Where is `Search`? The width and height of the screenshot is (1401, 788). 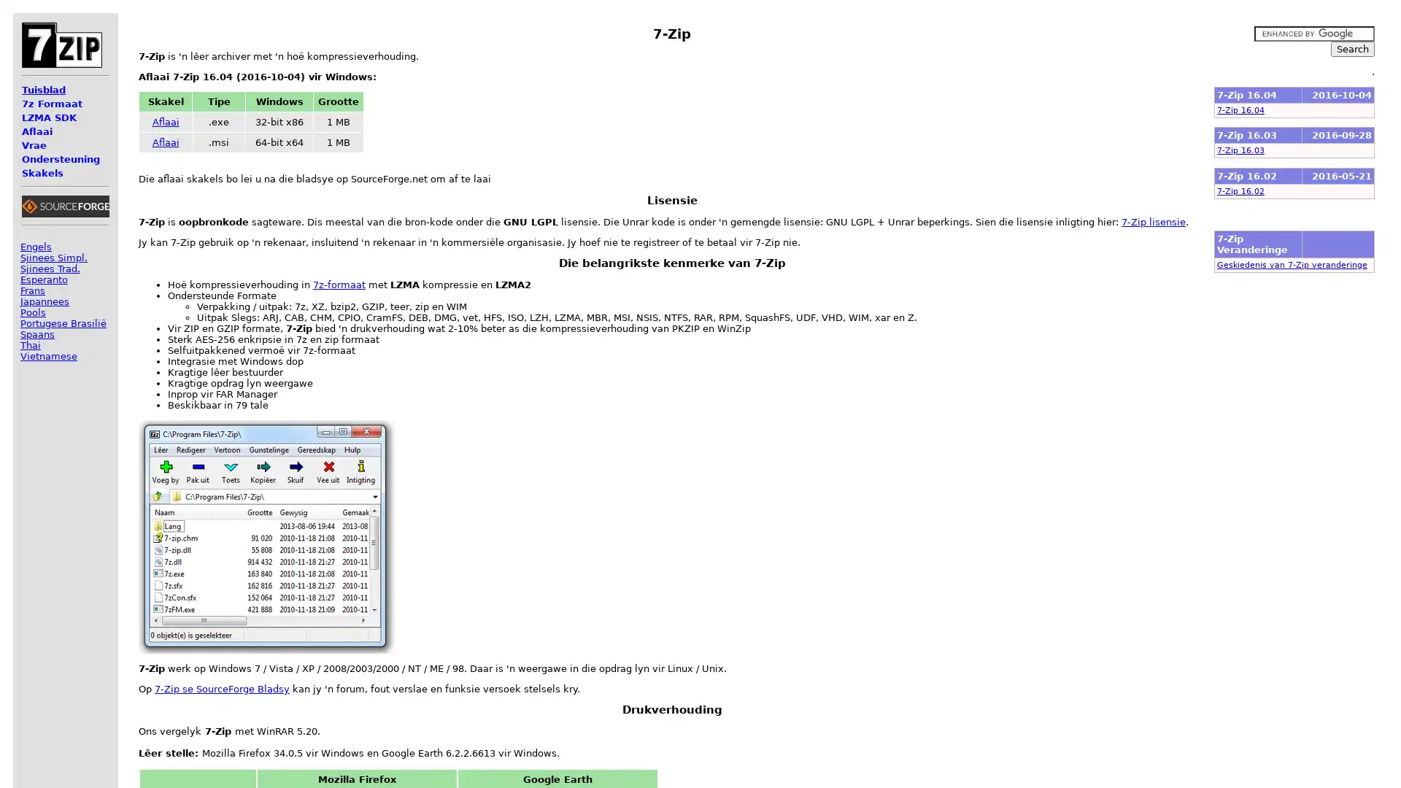 Search is located at coordinates (1351, 48).